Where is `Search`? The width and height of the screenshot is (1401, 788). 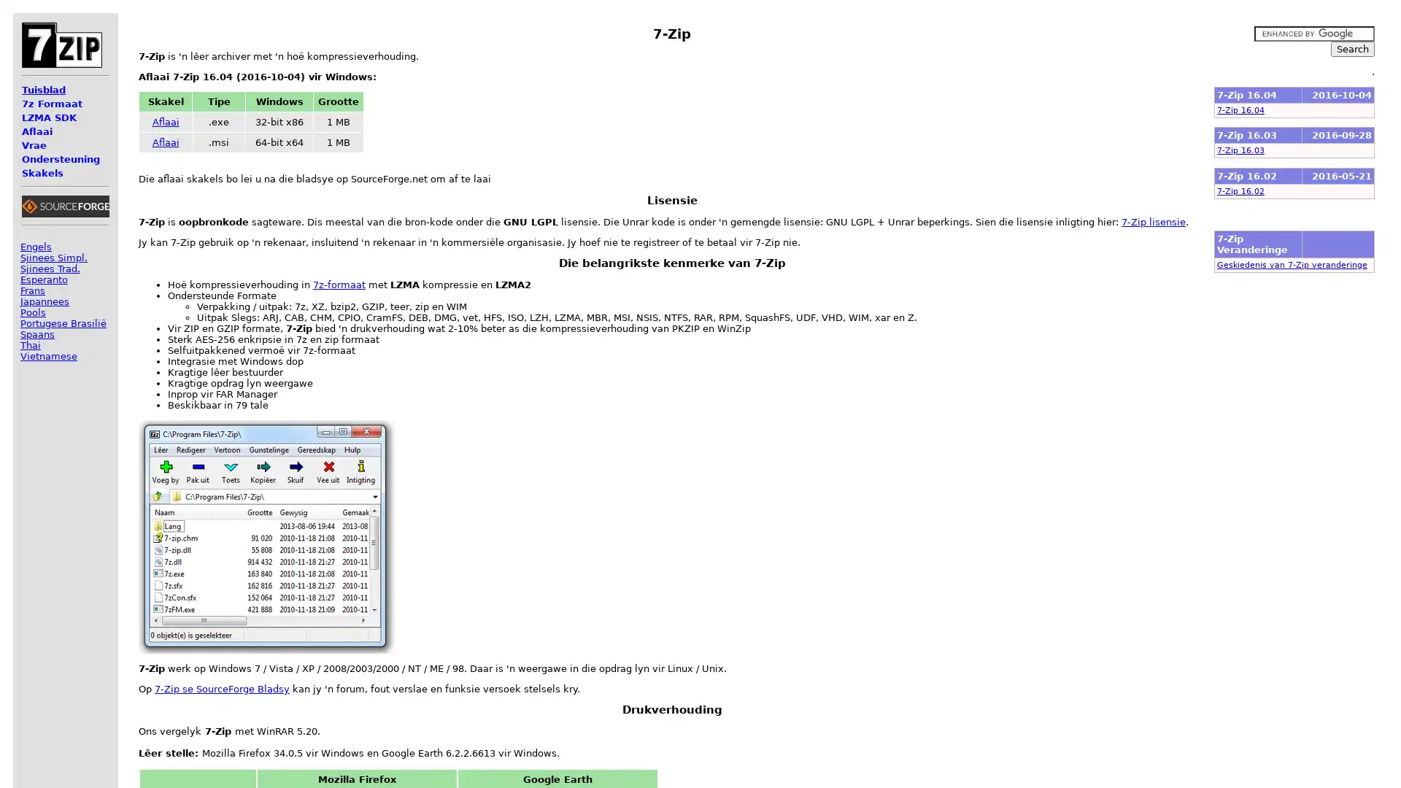 Search is located at coordinates (1351, 48).